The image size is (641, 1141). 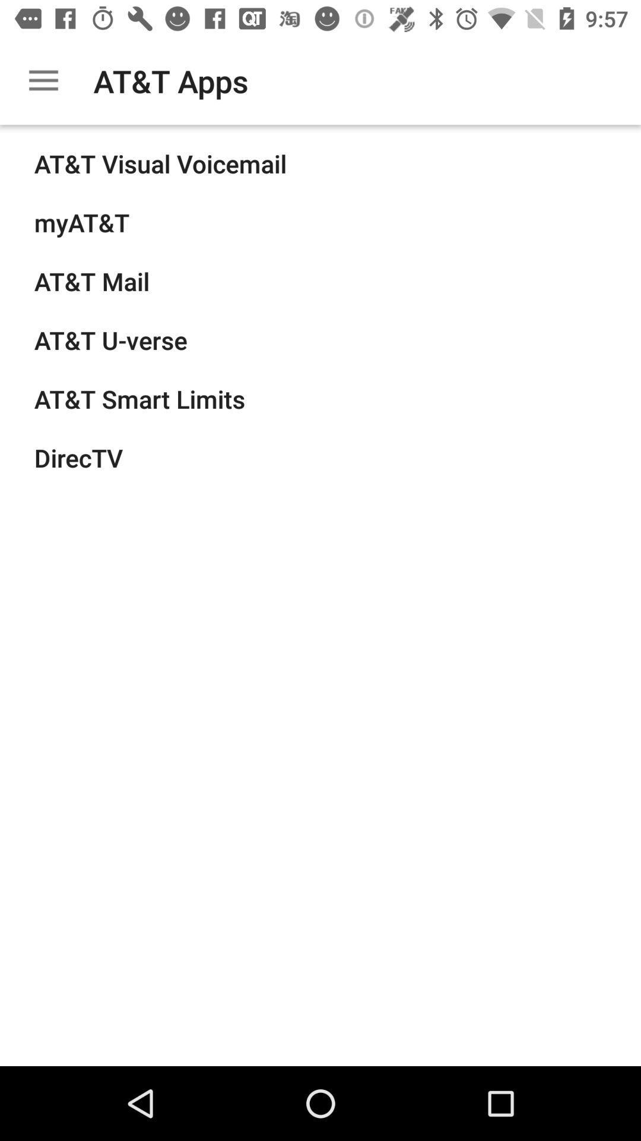 I want to click on the directv, so click(x=78, y=457).